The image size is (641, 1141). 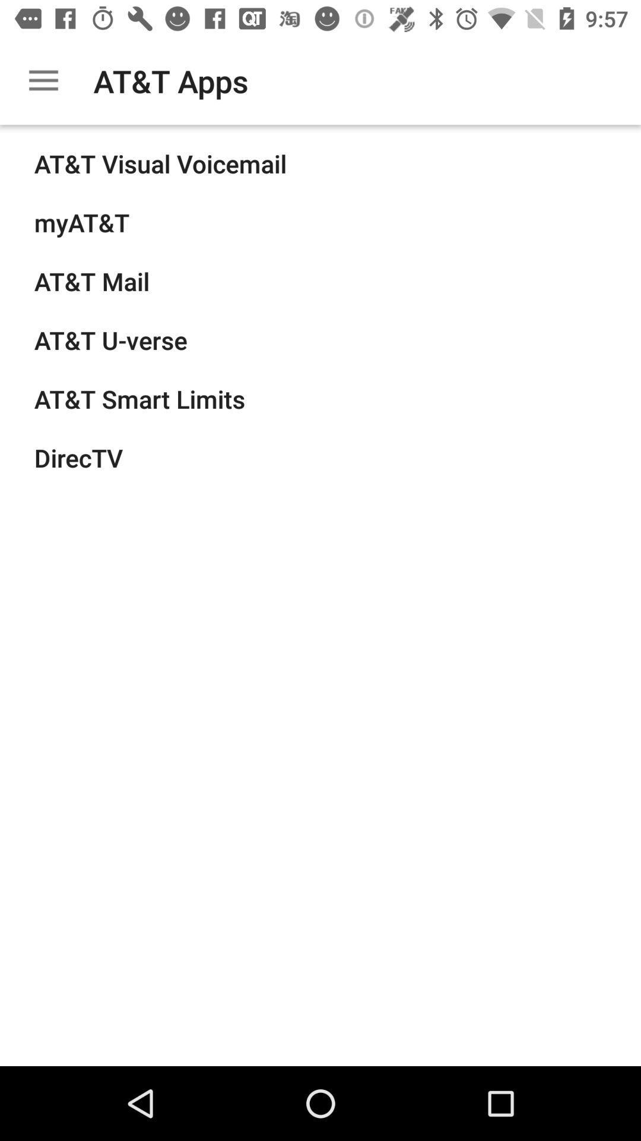 I want to click on the directv, so click(x=78, y=457).